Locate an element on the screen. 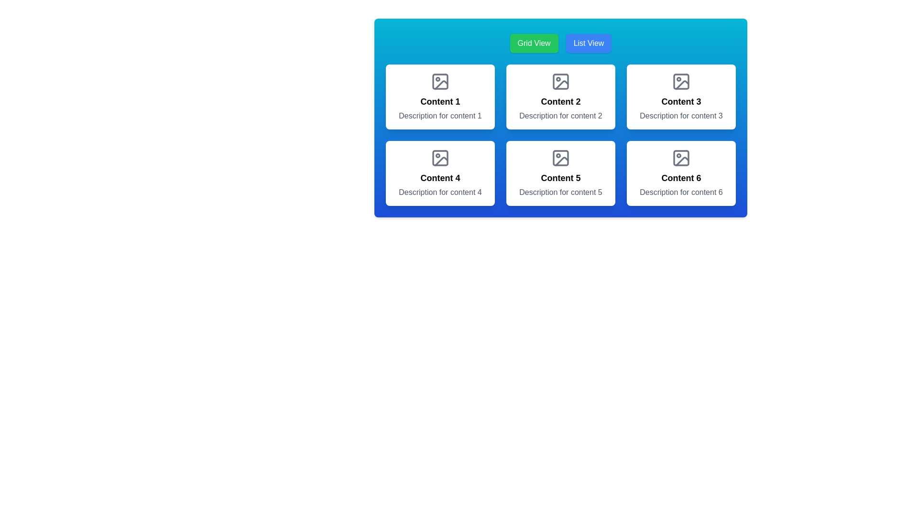 Image resolution: width=918 pixels, height=516 pixels. the image icon located at the top-center of the first content card ('Content 1') in the grid of cards is located at coordinates (440, 81).